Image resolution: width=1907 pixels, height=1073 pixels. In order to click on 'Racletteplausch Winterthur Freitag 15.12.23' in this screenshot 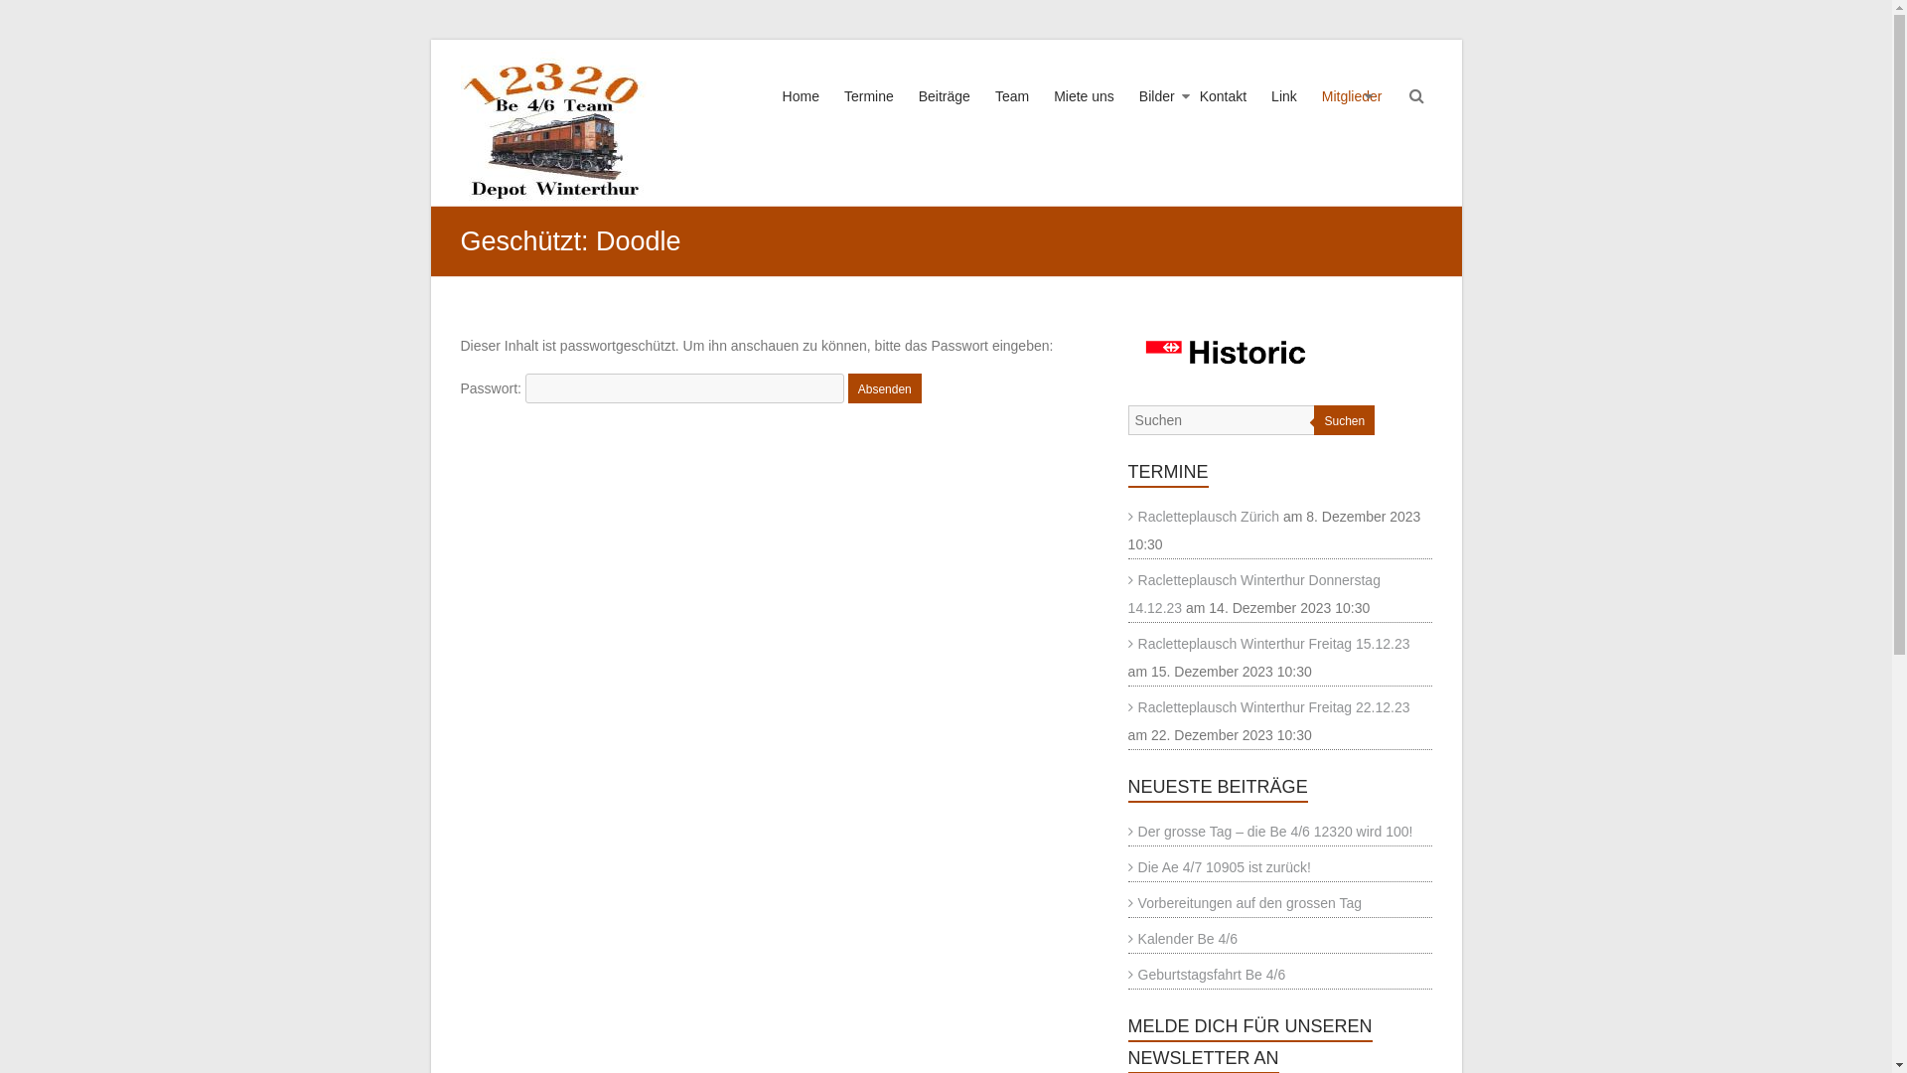, I will do `click(1267, 644)`.